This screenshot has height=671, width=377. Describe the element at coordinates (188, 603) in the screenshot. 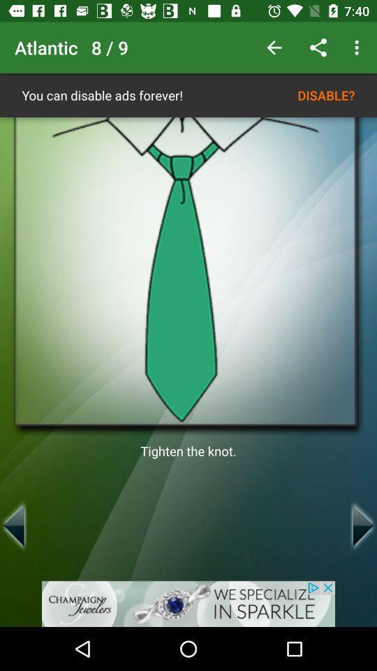

I see `click advertisement` at that location.